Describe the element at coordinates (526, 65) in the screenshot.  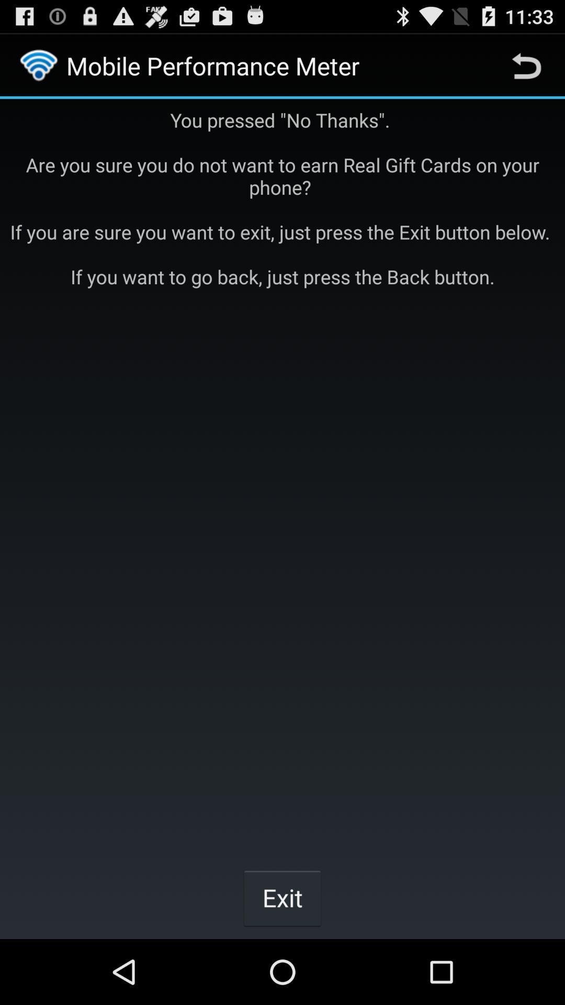
I see `icon to the right of mobile performance meter app` at that location.